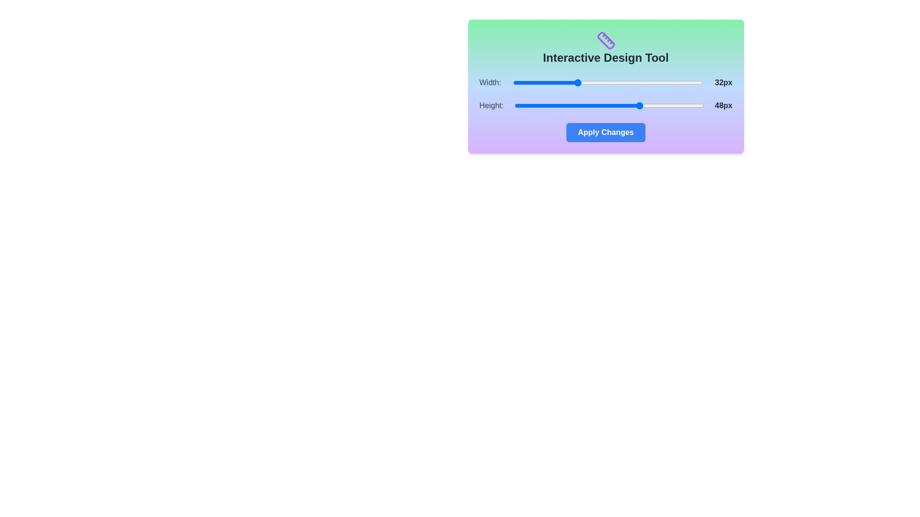  Describe the element at coordinates (574, 105) in the screenshot. I see `the 'Height' slider to set its value to 31` at that location.